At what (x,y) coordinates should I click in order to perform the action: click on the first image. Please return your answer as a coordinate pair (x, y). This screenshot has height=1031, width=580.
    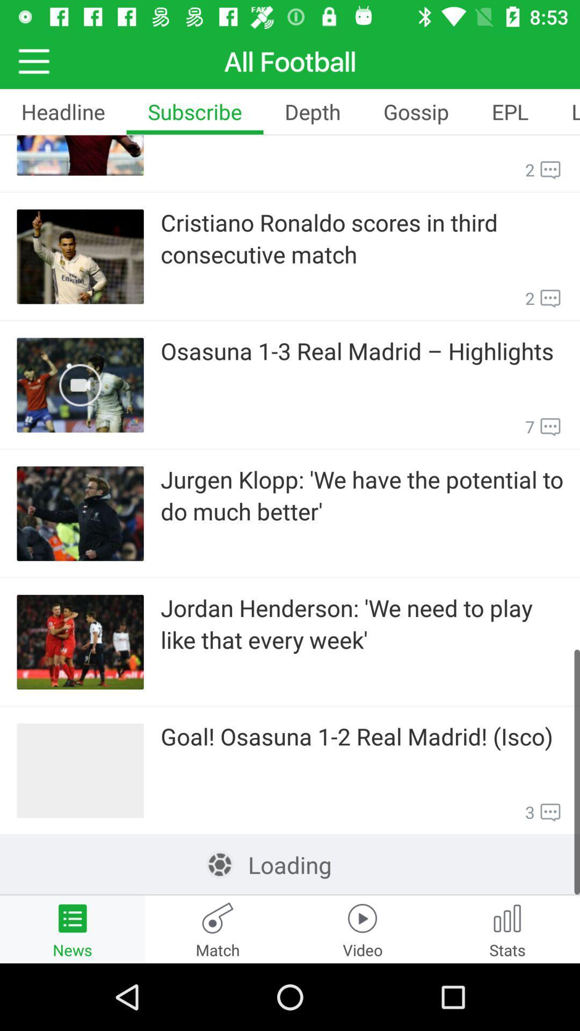
    Looking at the image, I should click on (80, 155).